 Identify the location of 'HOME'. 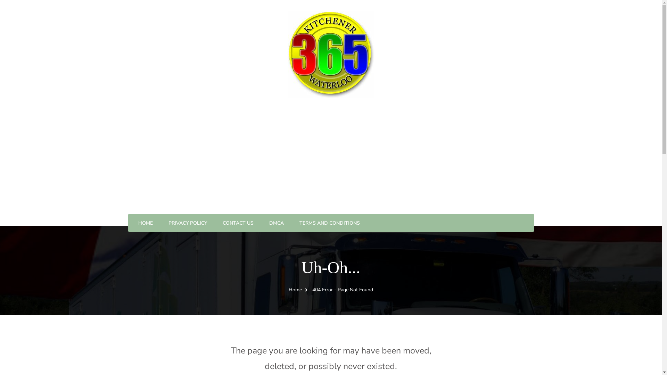
(145, 224).